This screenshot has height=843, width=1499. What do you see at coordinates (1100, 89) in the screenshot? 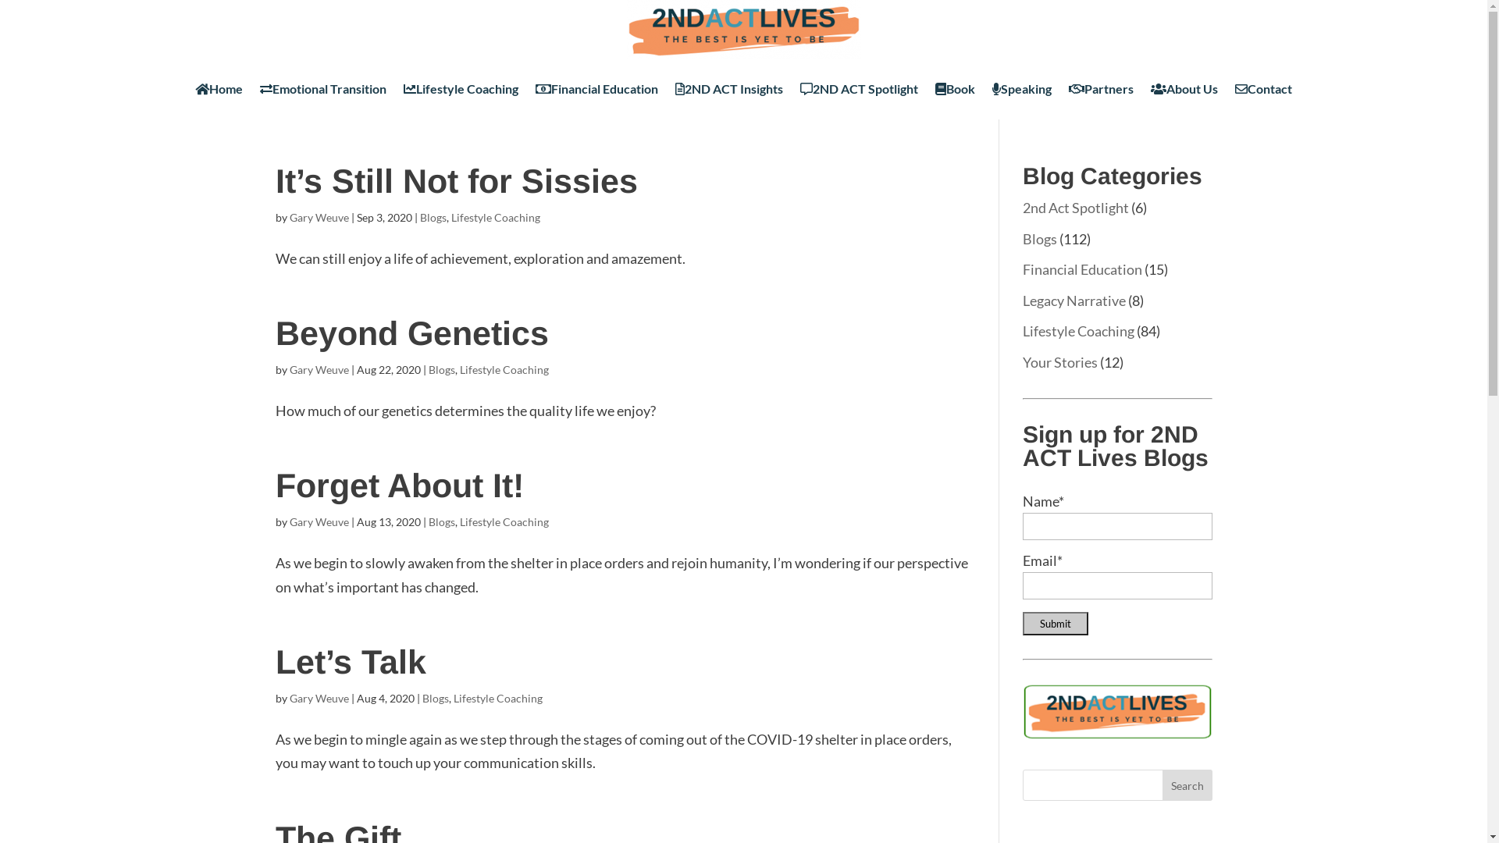
I see `'Partners'` at bounding box center [1100, 89].